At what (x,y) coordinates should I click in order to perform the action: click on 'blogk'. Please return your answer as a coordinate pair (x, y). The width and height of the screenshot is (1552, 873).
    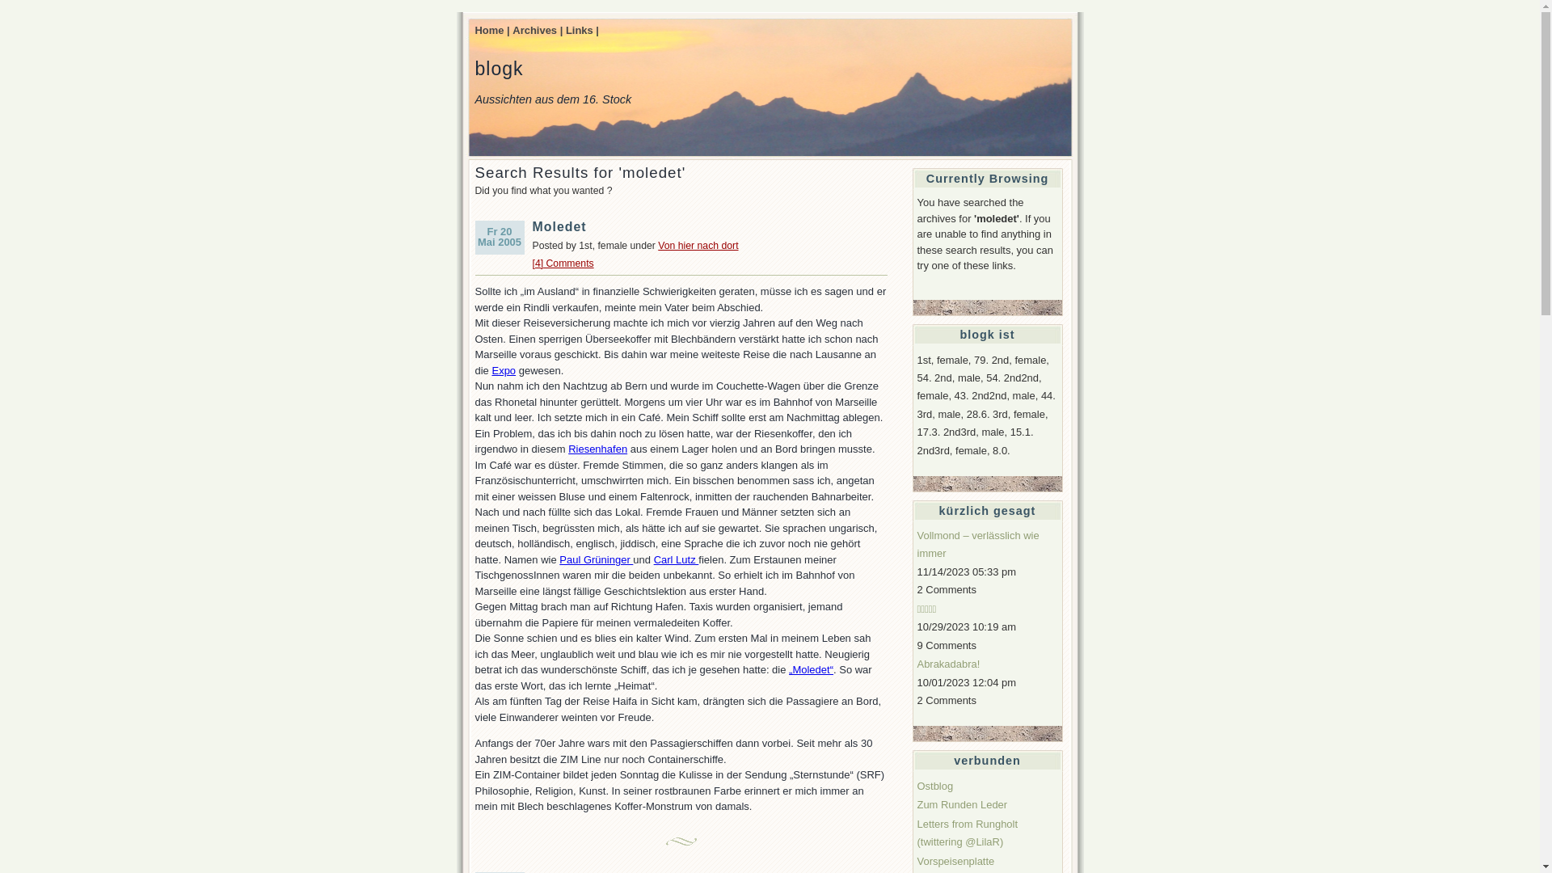
    Looking at the image, I should click on (499, 67).